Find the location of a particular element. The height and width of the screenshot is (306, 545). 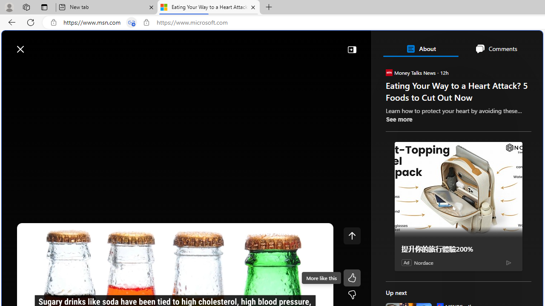

'Collapse' is located at coordinates (352, 49).